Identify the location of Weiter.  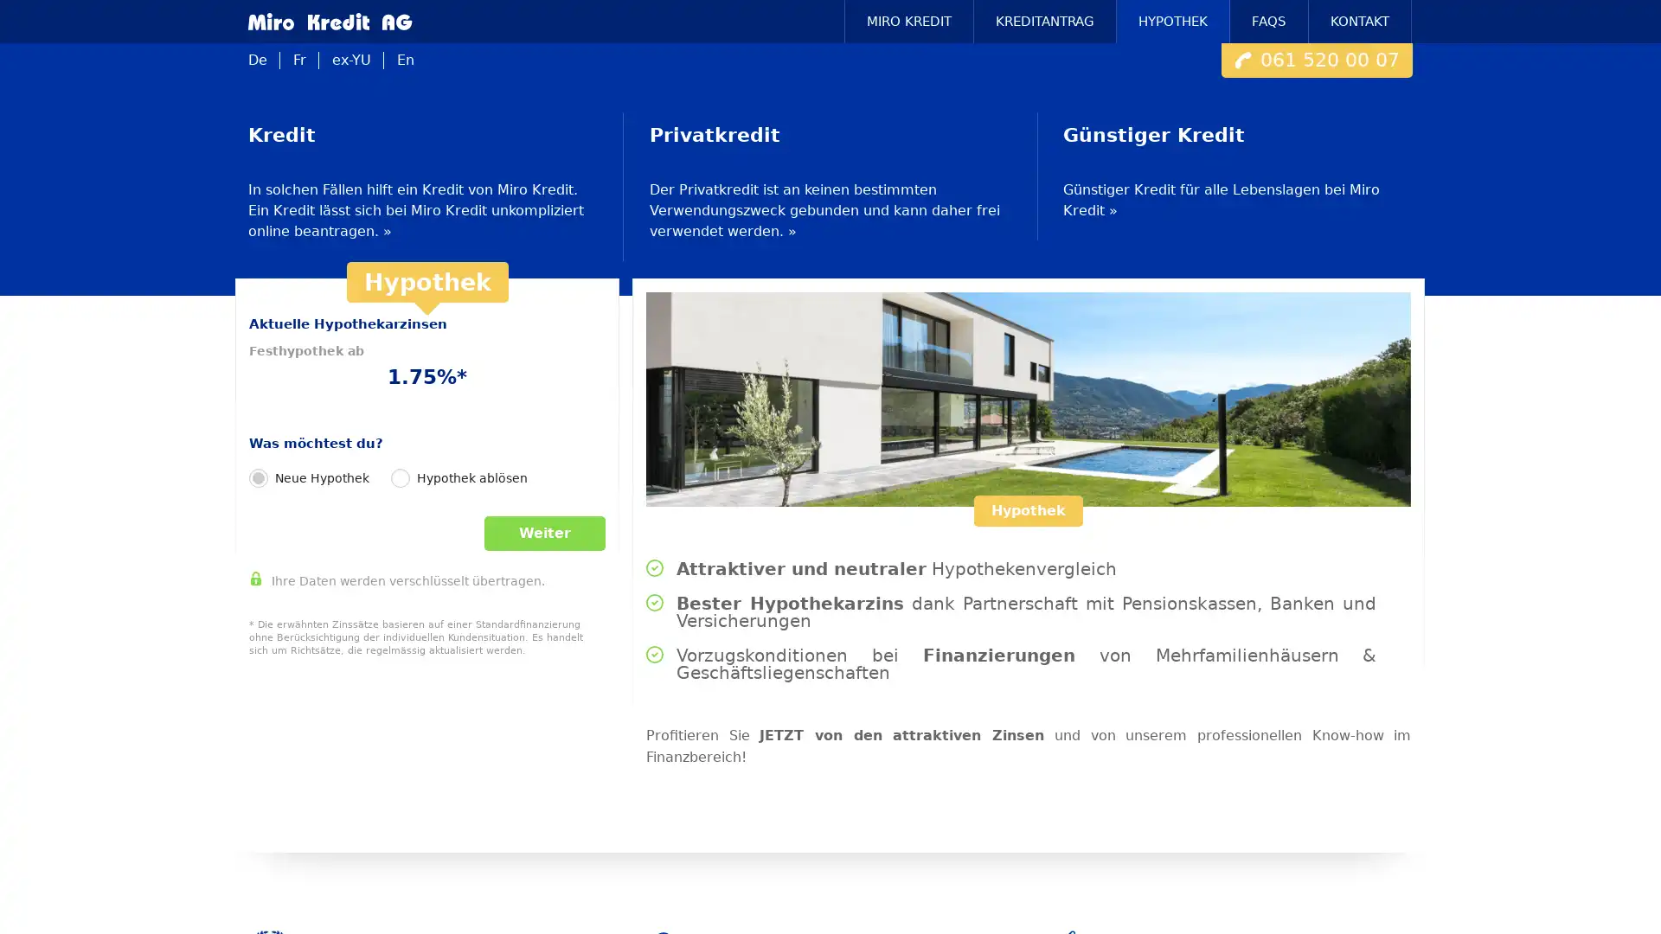
(534, 532).